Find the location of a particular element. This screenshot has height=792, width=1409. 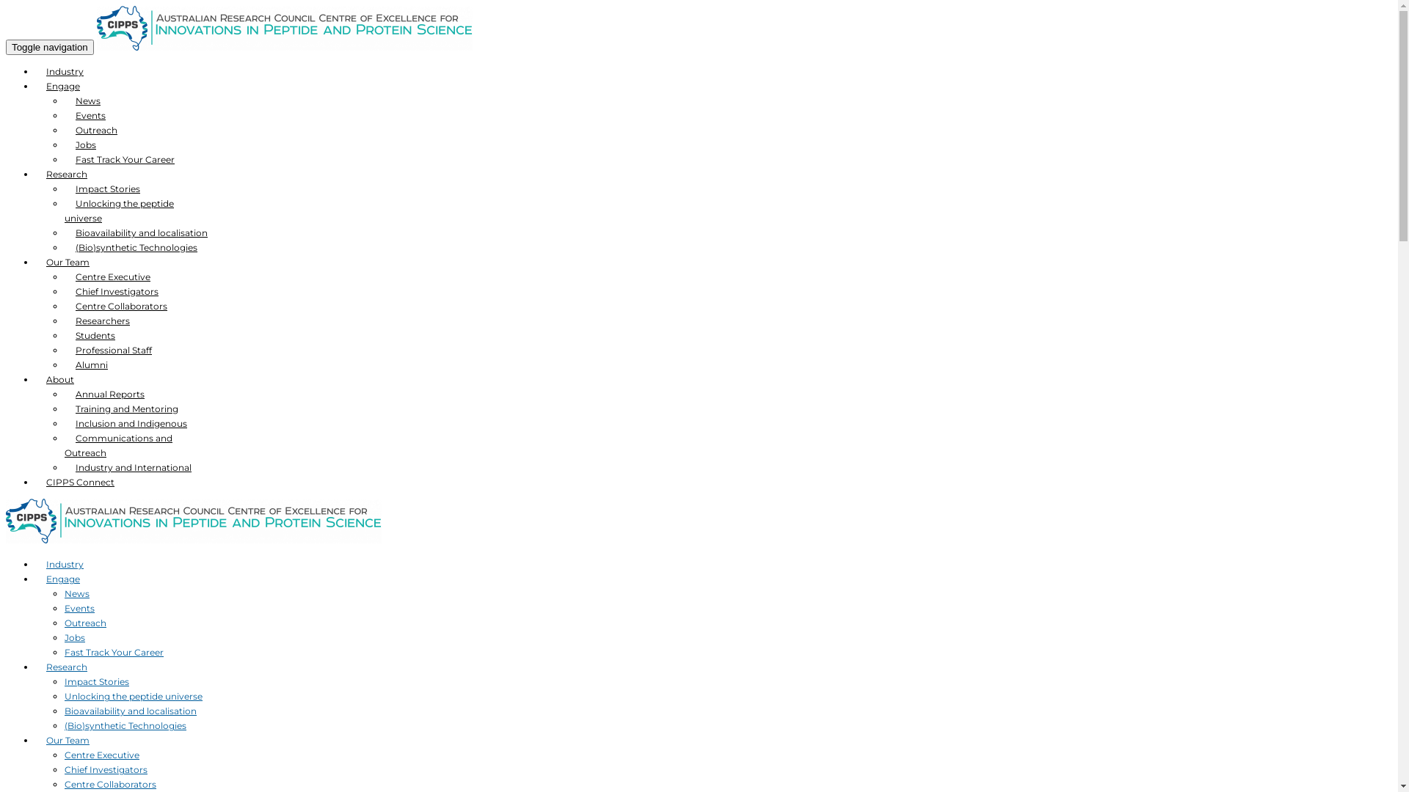

'Researchers' is located at coordinates (101, 320).